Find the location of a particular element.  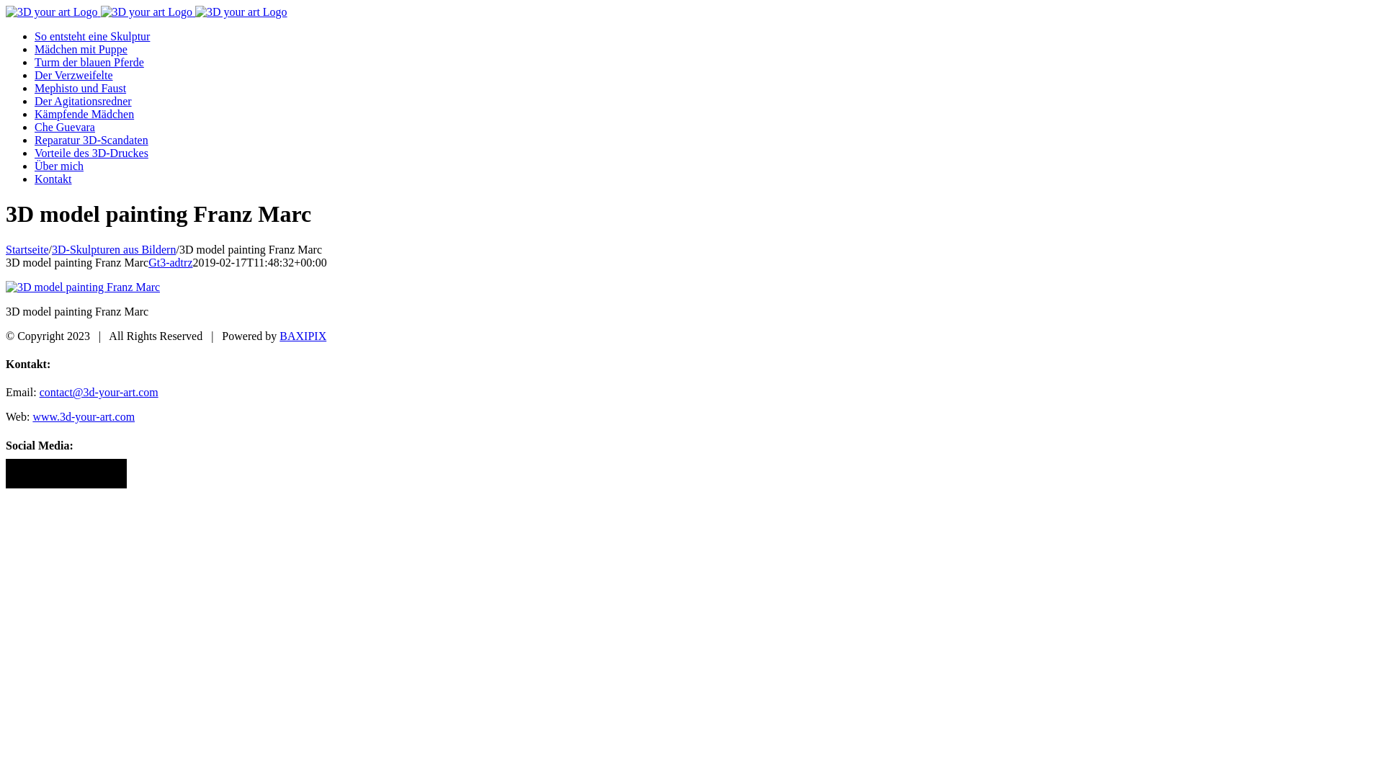

'Der Verzweifelte' is located at coordinates (73, 75).